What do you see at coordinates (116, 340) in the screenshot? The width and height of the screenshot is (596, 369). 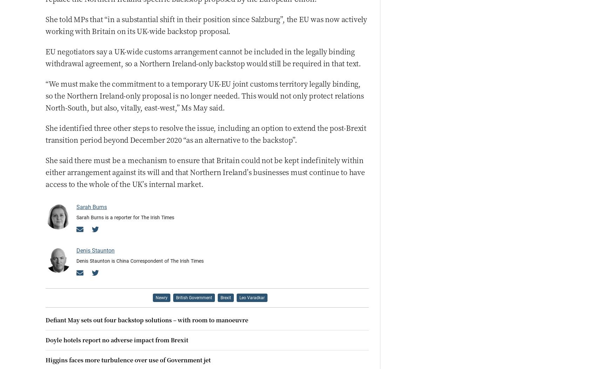 I see `'Doyle hotels report no adverse impact from Brexit'` at bounding box center [116, 340].